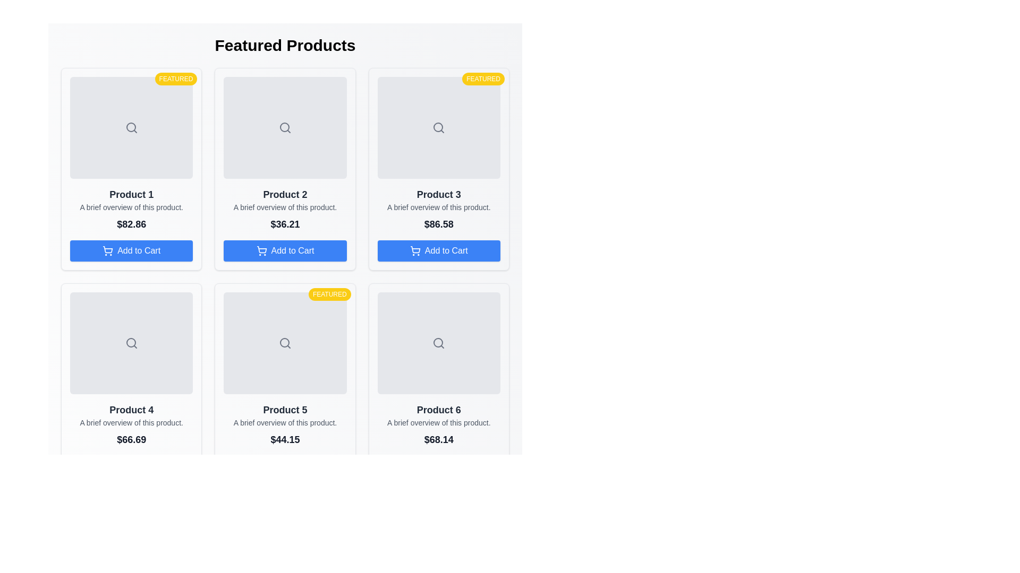 The image size is (1020, 573). What do you see at coordinates (438, 126) in the screenshot?
I see `the inner circle of the magnifying glass graphic within the search icon located in the third product card's image placeholder` at bounding box center [438, 126].